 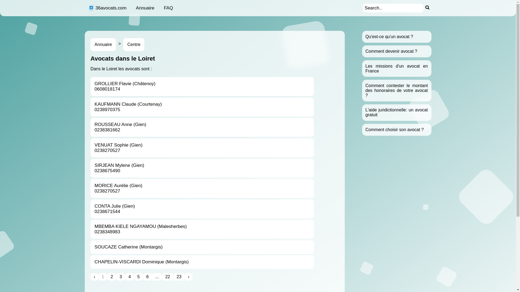 What do you see at coordinates (391, 51) in the screenshot?
I see `'Comment devenir avocat ?'` at bounding box center [391, 51].